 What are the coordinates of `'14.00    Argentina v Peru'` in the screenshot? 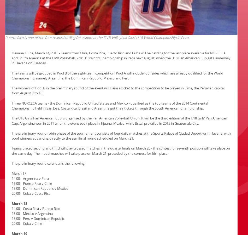 It's located at (12, 178).